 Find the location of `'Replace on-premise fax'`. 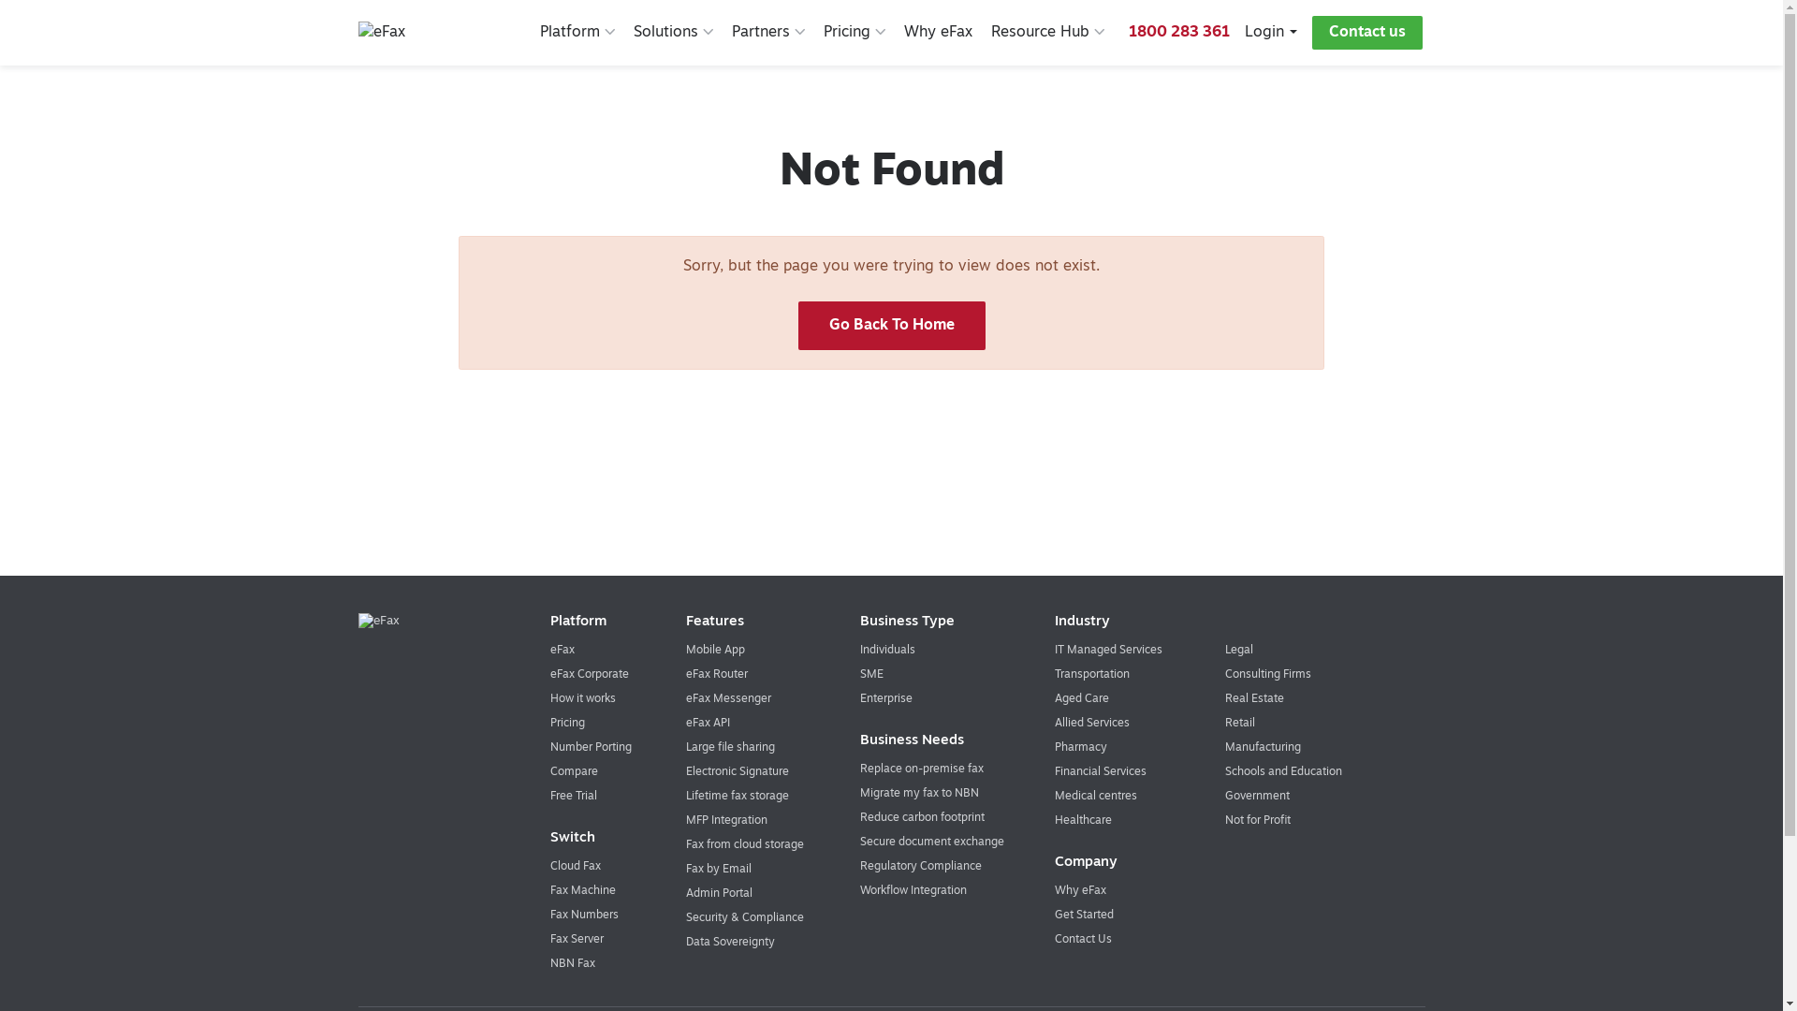

'Replace on-premise fax' is located at coordinates (921, 769).